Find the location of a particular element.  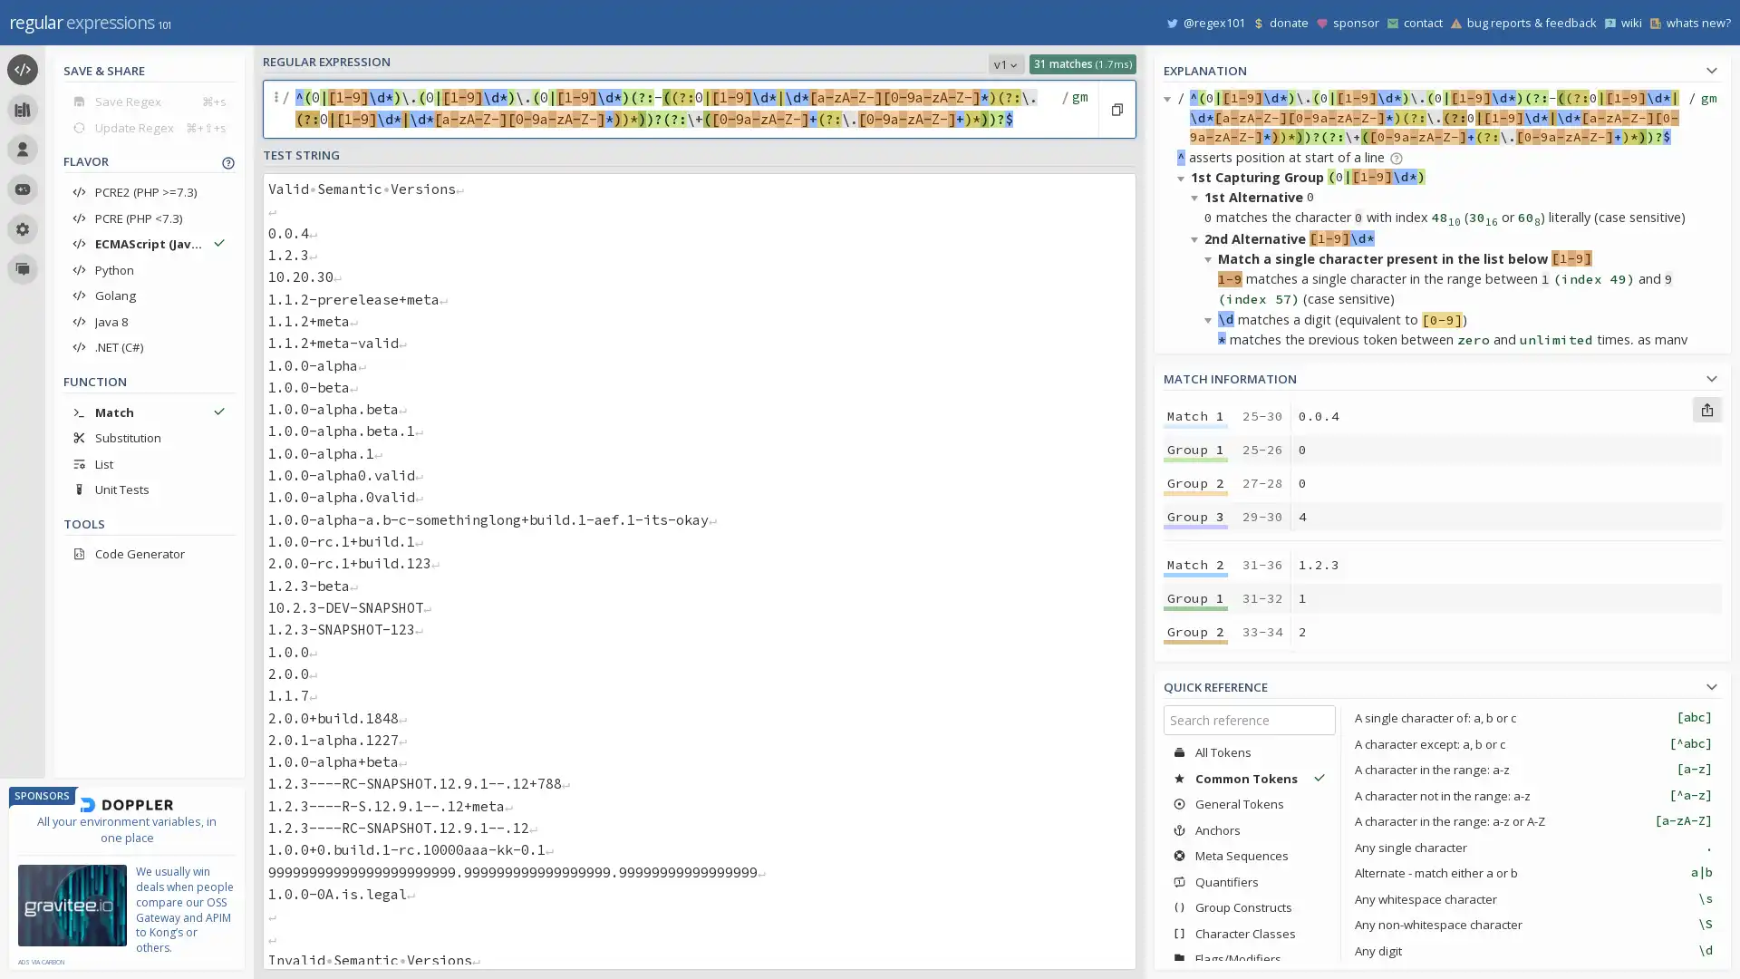

Collapse Subtree is located at coordinates (1184, 627).